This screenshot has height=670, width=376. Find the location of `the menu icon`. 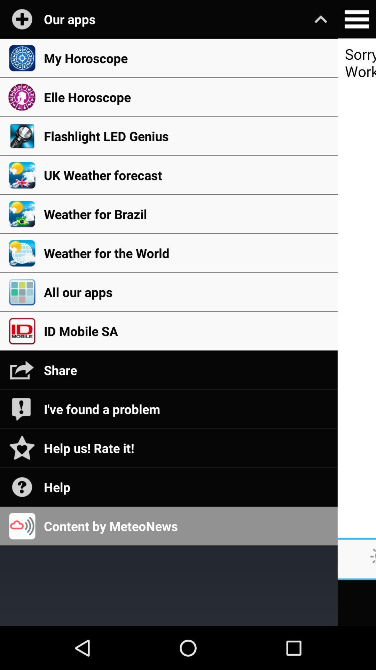

the menu icon is located at coordinates (357, 20).